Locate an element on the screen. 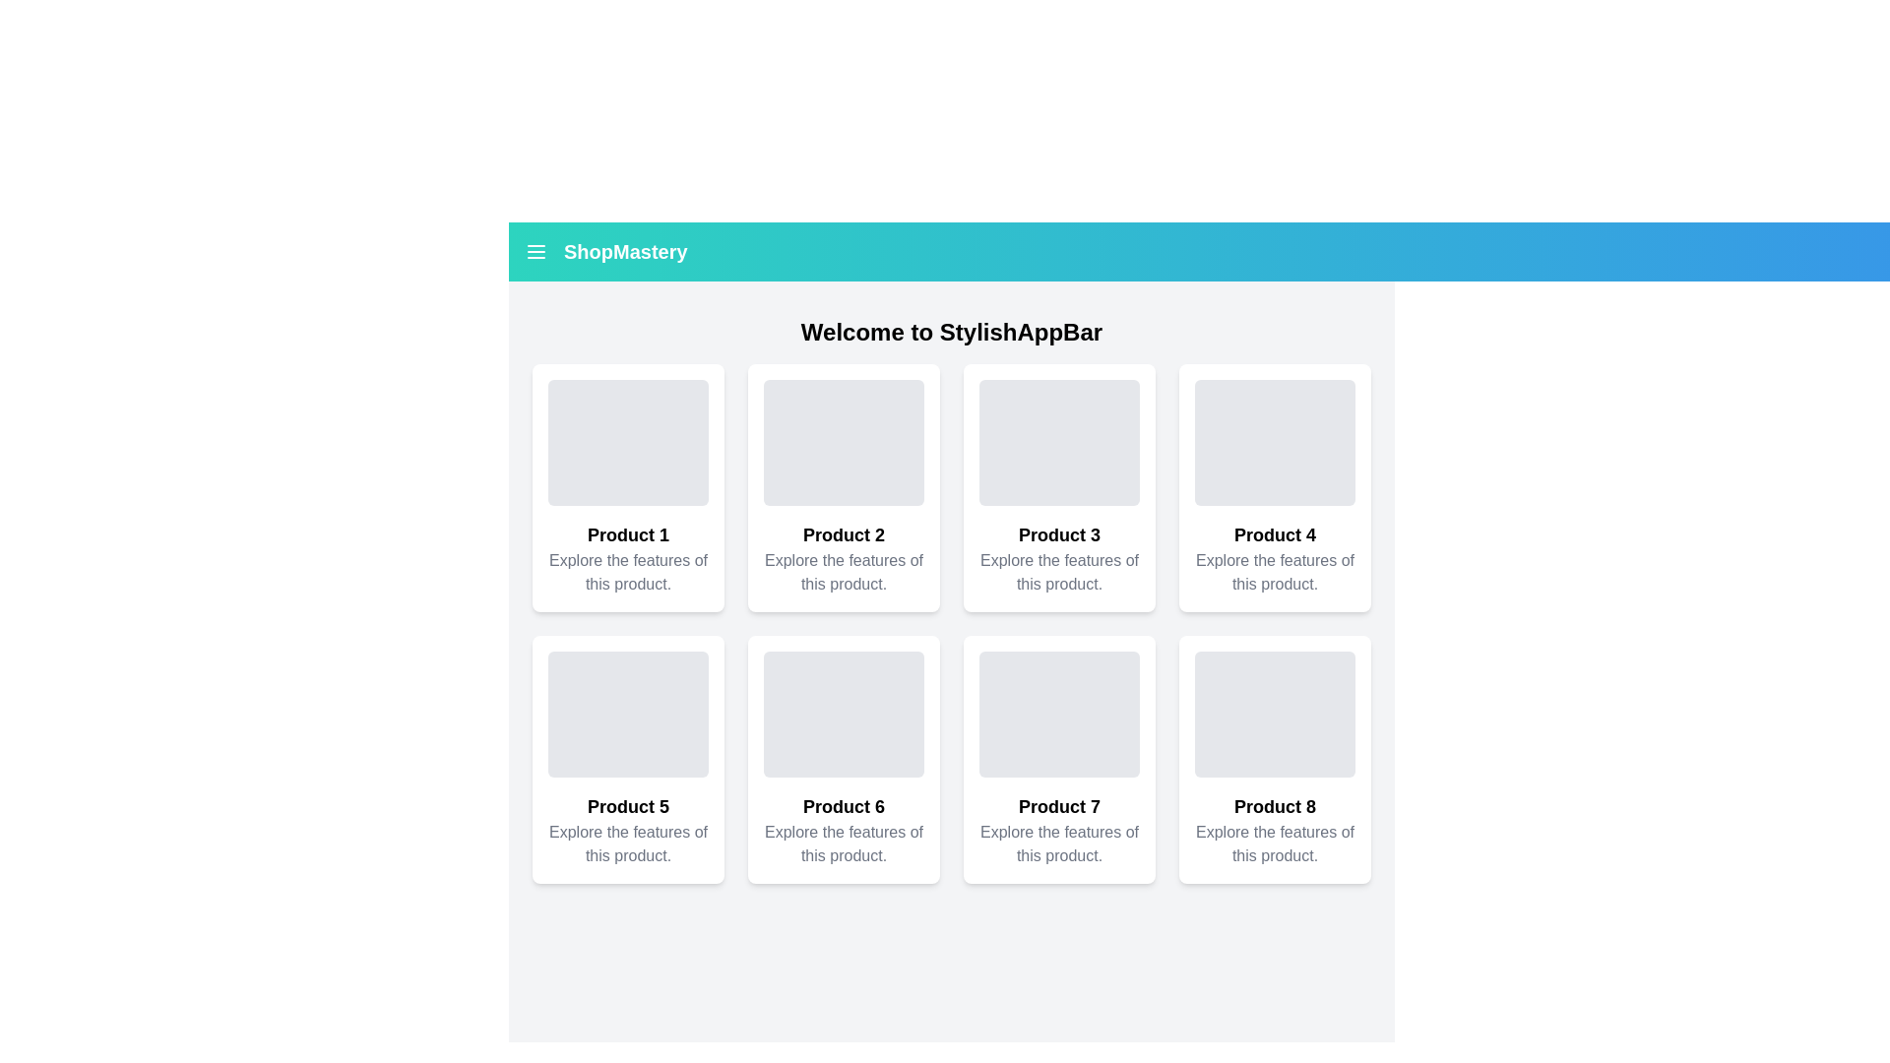 This screenshot has height=1063, width=1890. the bold text label displaying 'Product 4', which is located in the fourth card of the top row in a grid layout is located at coordinates (1275, 534).